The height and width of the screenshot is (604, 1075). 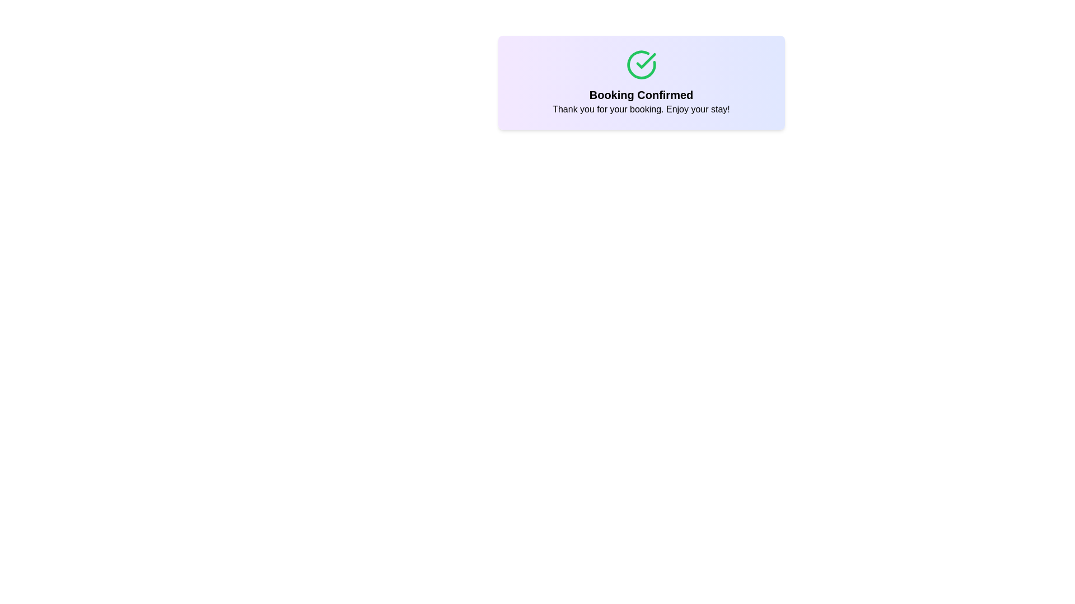 What do you see at coordinates (641, 82) in the screenshot?
I see `text content from the Text Display with Icon that shows 'Booking Confirmed' and 'Thank you for your booking. Enjoy your stay!' with a green checkmark icon` at bounding box center [641, 82].